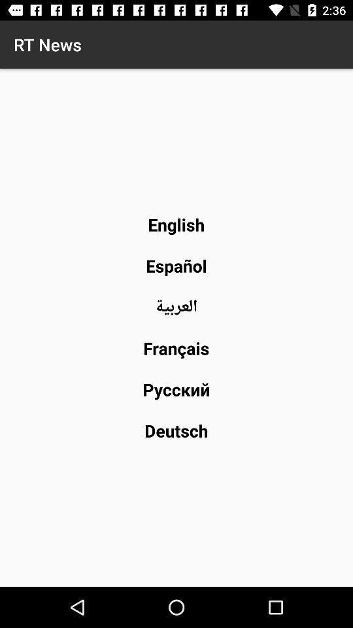 This screenshot has width=353, height=628. What do you see at coordinates (176, 265) in the screenshot?
I see `the item below the english icon` at bounding box center [176, 265].